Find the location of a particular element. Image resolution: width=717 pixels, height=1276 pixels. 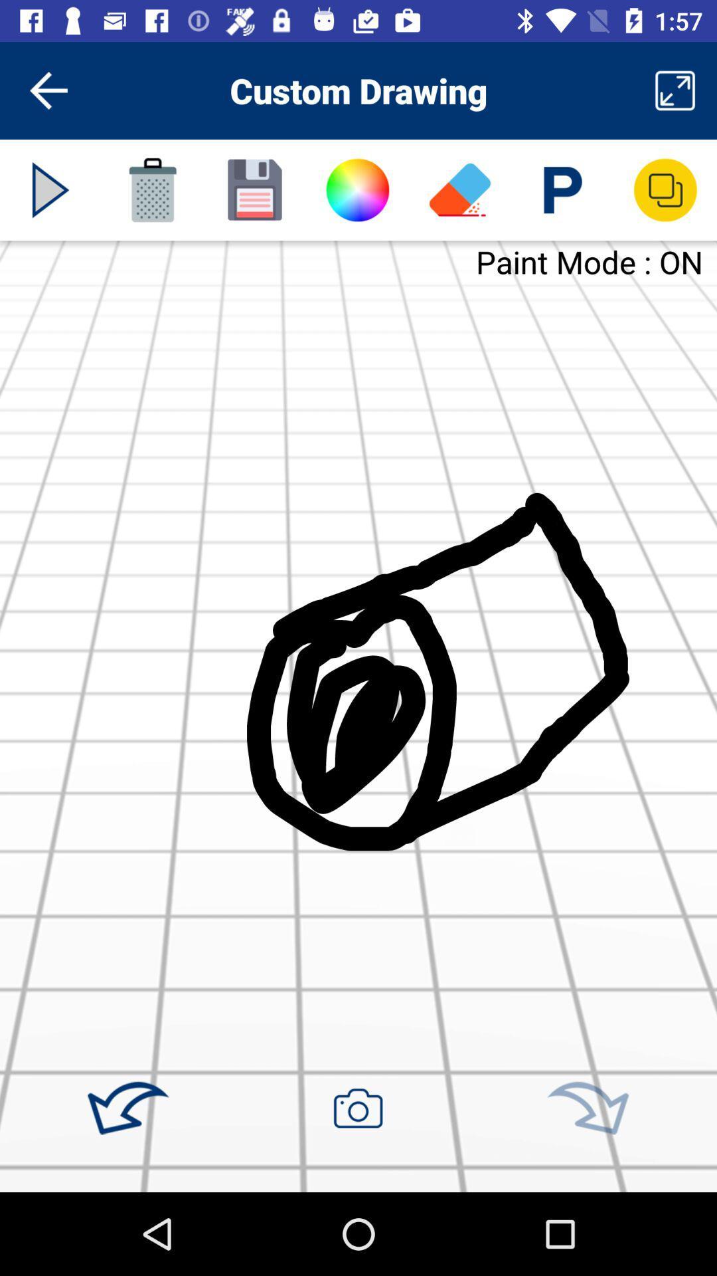

undo is located at coordinates (128, 1109).